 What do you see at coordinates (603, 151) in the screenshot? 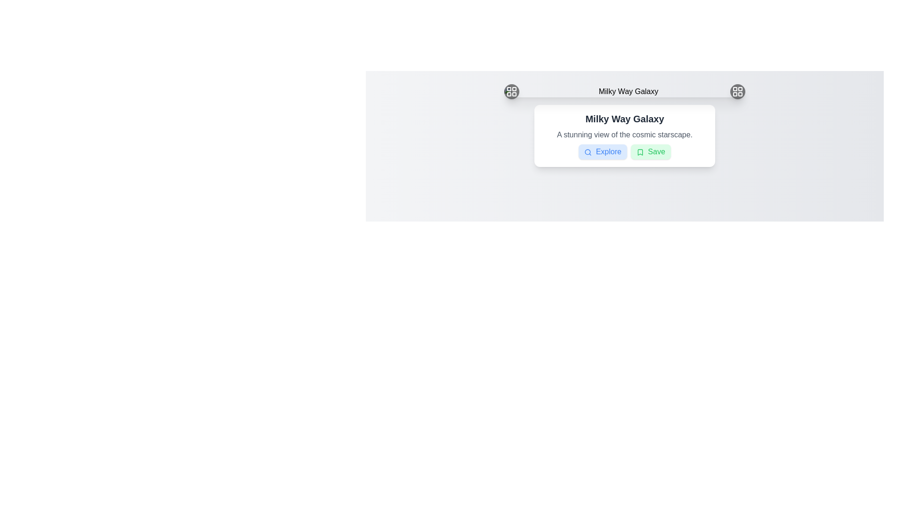
I see `the 'explore' button located at the leftmost position in the horizontally aligned button group` at bounding box center [603, 151].